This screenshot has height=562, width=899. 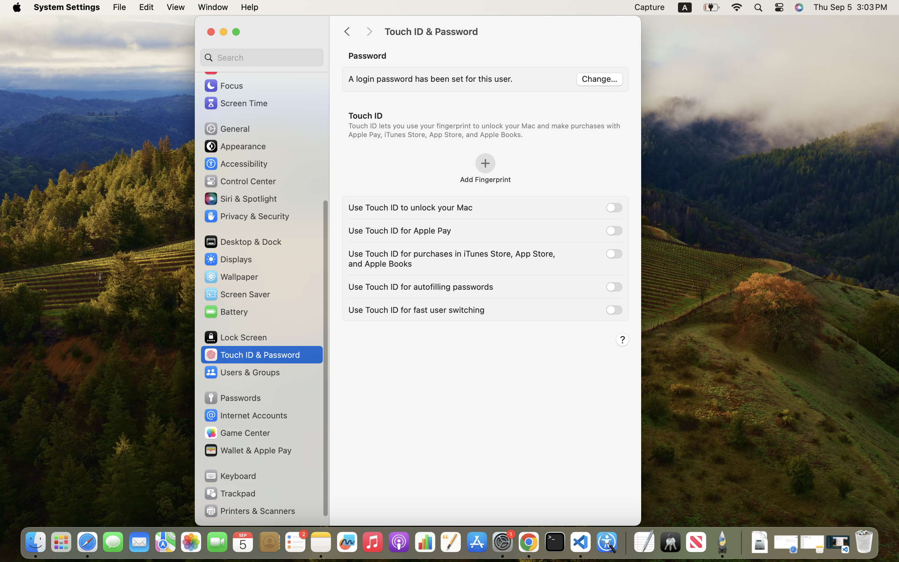 What do you see at coordinates (231, 276) in the screenshot?
I see `'Wallpaper'` at bounding box center [231, 276].